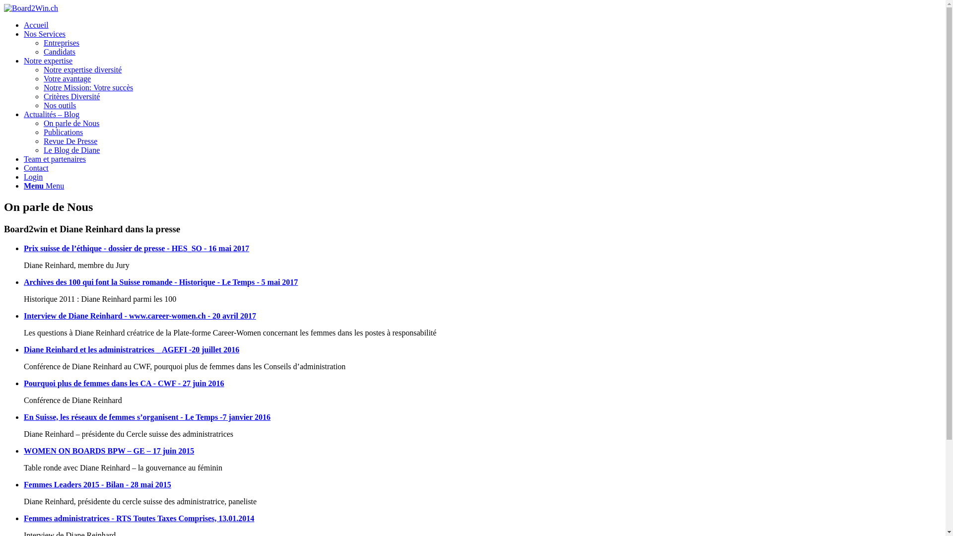  I want to click on 'Menu Menu', so click(43, 186).